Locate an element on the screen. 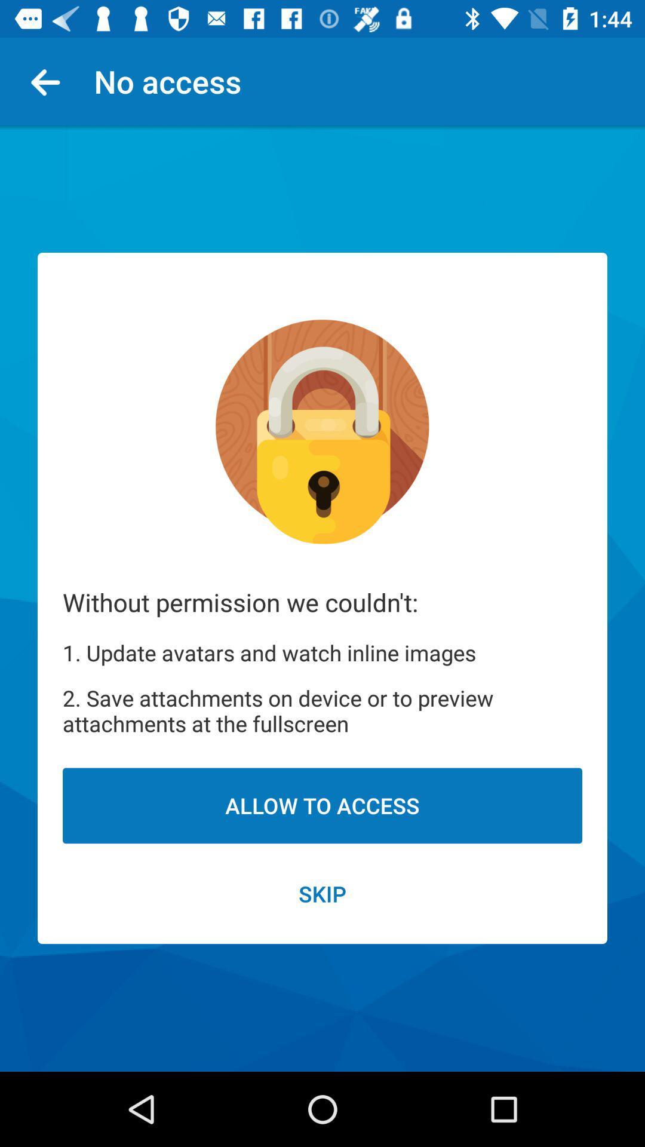  the allow to access icon is located at coordinates (322, 805).